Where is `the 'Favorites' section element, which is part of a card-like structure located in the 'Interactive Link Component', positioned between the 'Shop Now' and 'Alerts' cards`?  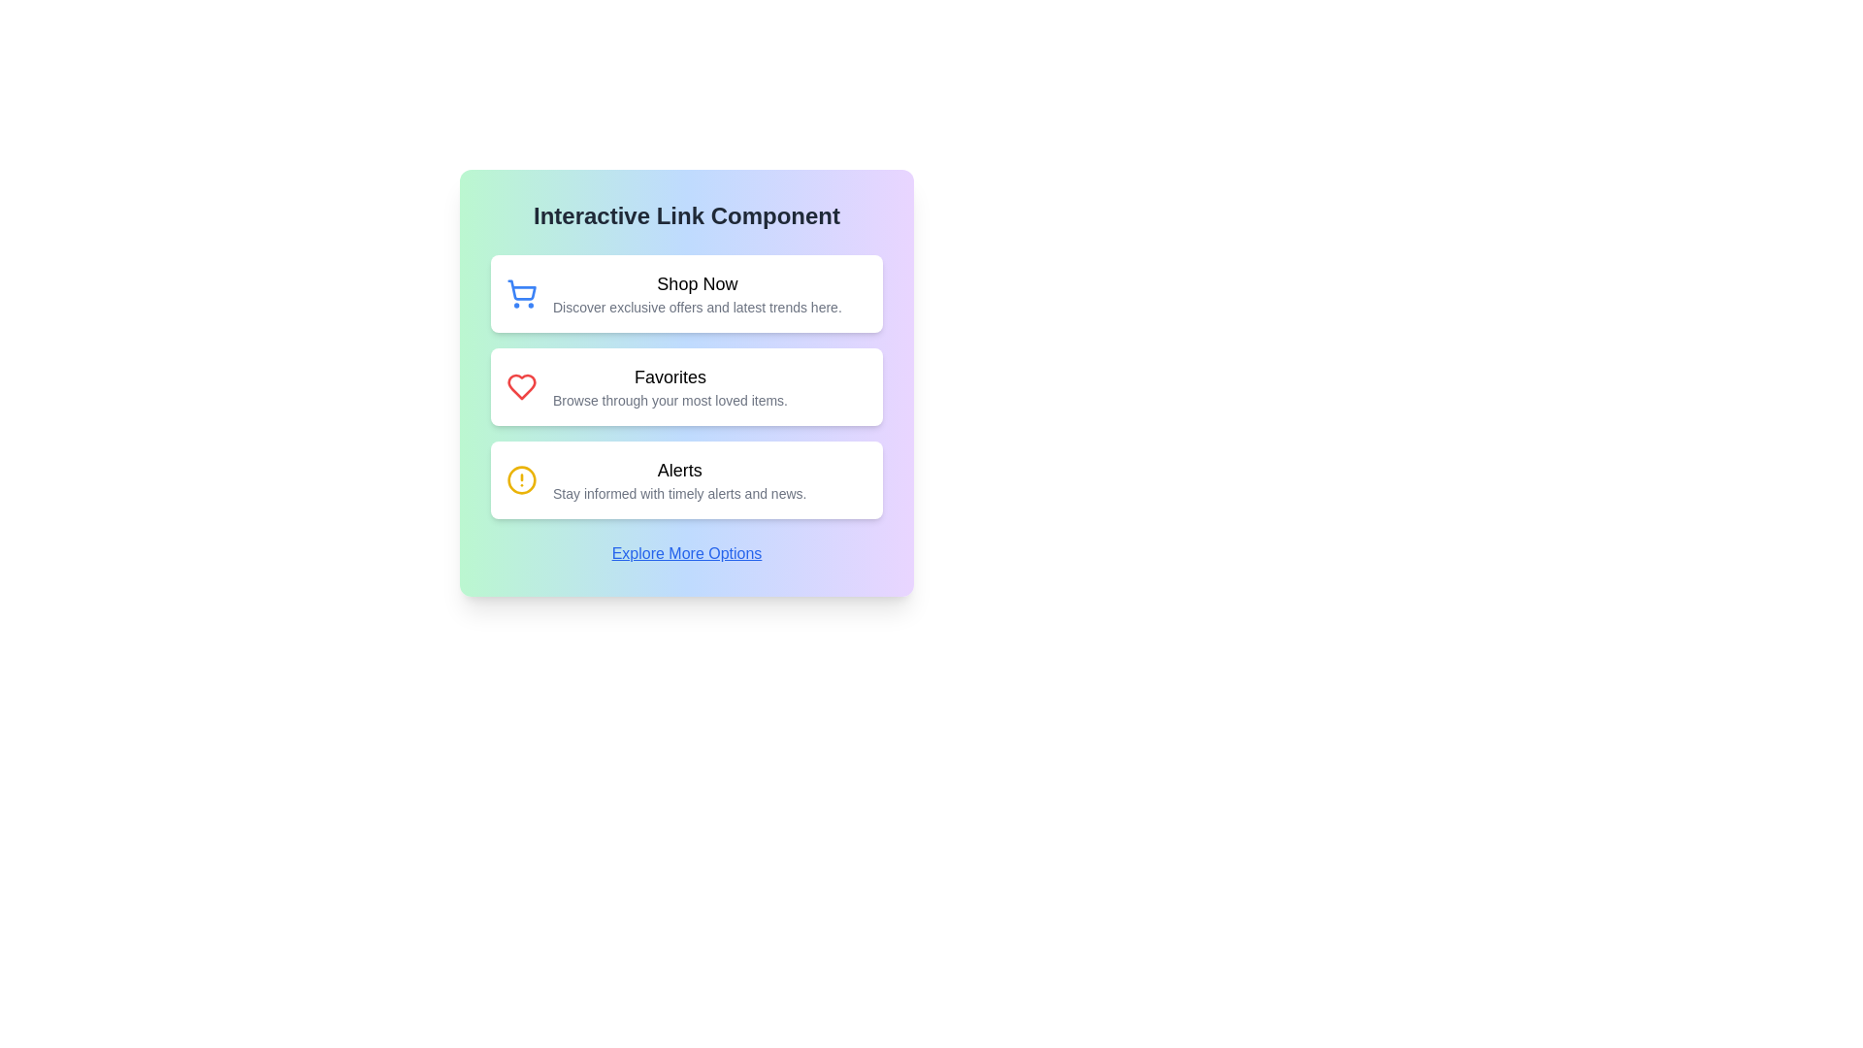
the 'Favorites' section element, which is part of a card-like structure located in the 'Interactive Link Component', positioned between the 'Shop Now' and 'Alerts' cards is located at coordinates (670, 386).